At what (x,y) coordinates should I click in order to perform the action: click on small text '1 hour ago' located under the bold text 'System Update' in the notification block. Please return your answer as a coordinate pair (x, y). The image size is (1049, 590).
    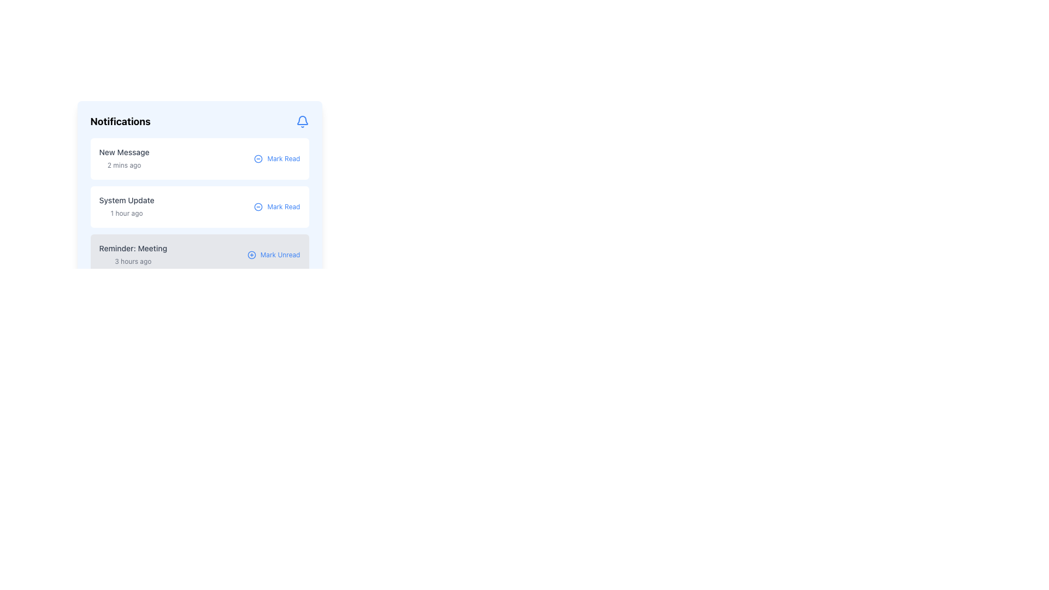
    Looking at the image, I should click on (127, 213).